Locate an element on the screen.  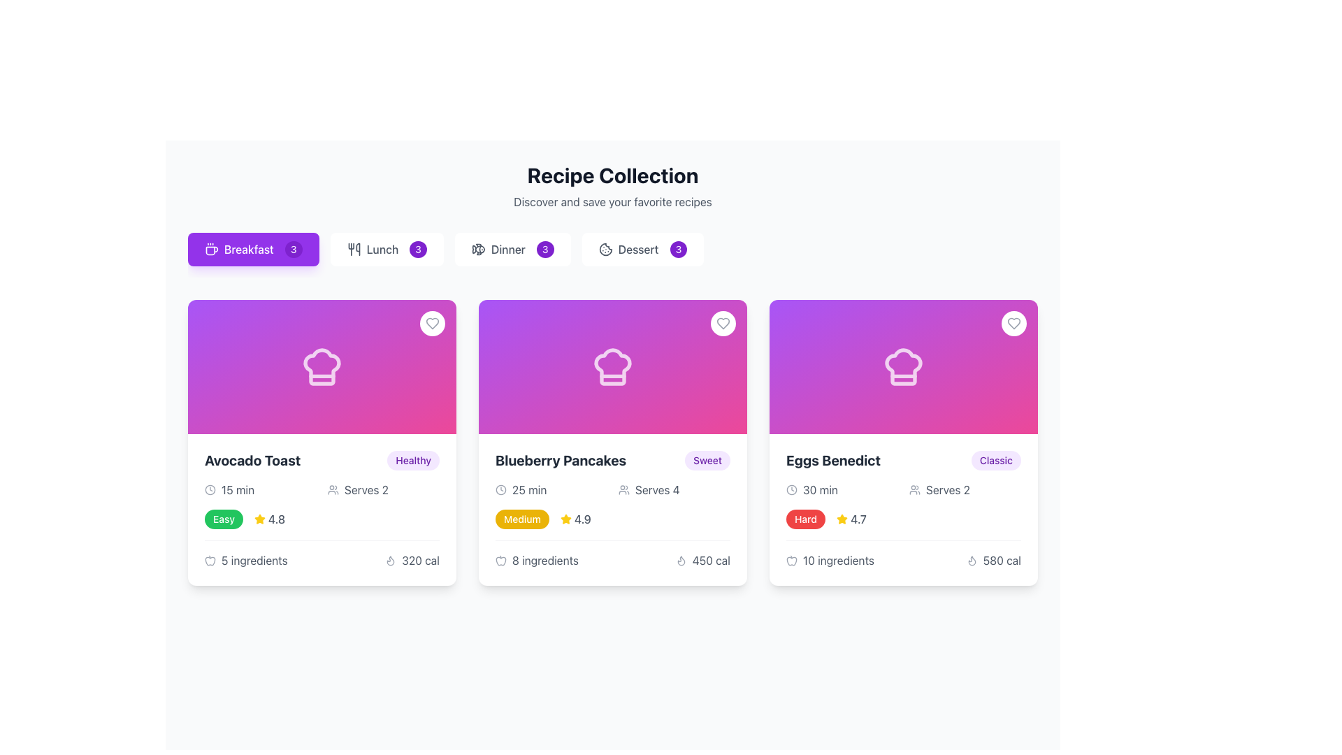
the chef's hat icon located in the center of the first card under the 'Breakfast' category tab for visual clarity is located at coordinates (321, 366).